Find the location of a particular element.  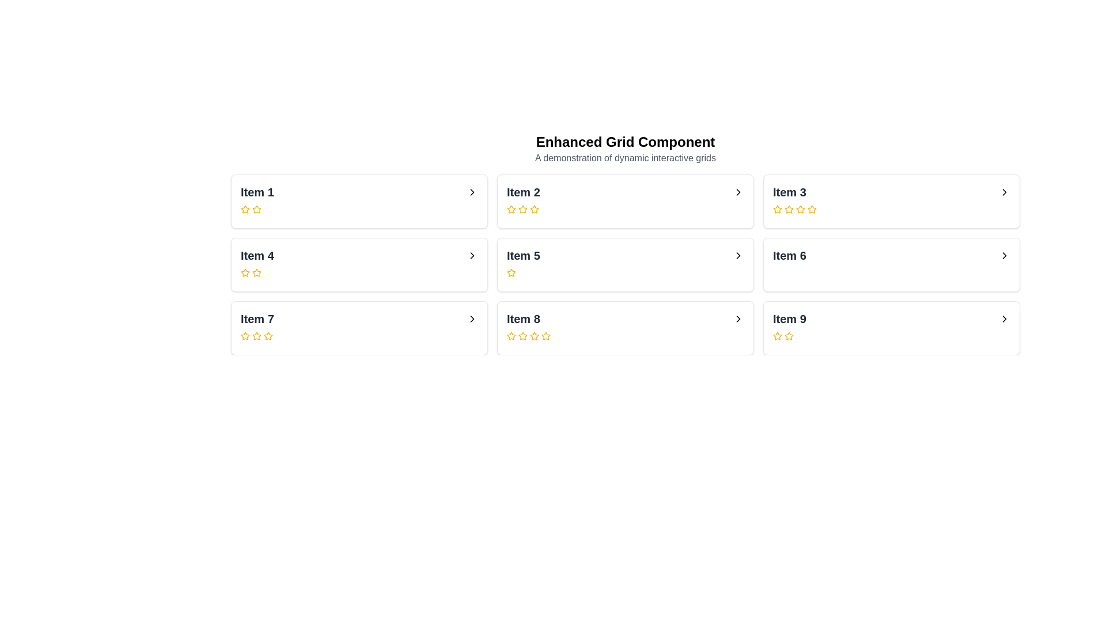

the first star icon in the rating system for 'Item 3' is located at coordinates (777, 209).